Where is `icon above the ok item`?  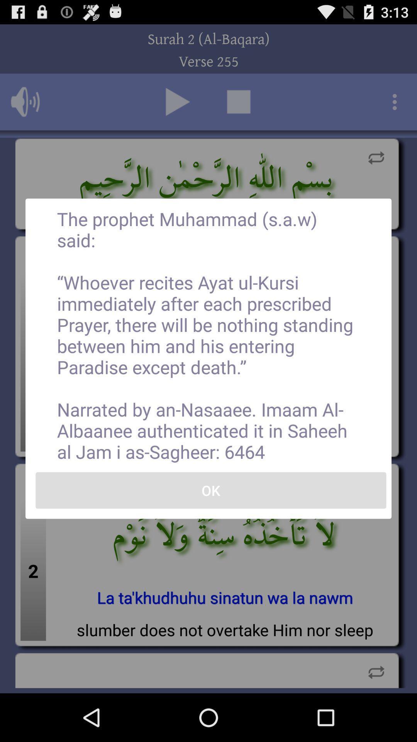 icon above the ok item is located at coordinates (208, 335).